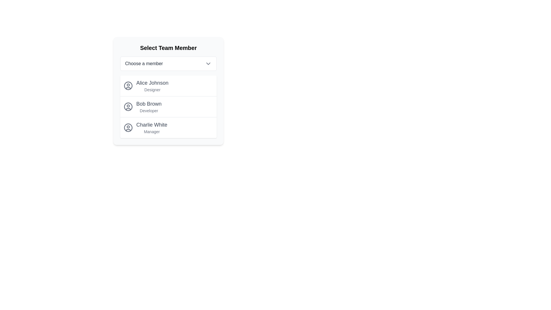 This screenshot has width=551, height=310. What do you see at coordinates (168, 64) in the screenshot?
I see `the dropdown menu located below the title 'Select Team Member'` at bounding box center [168, 64].